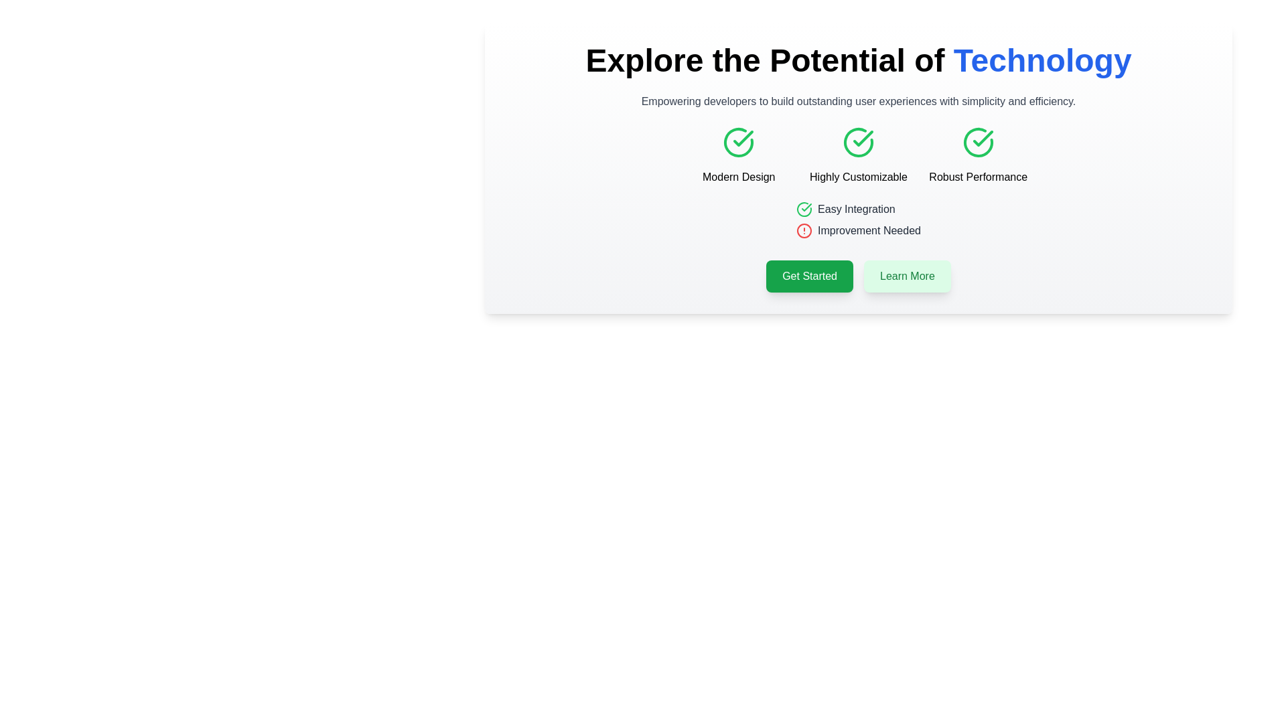  Describe the element at coordinates (804, 209) in the screenshot. I see `the green circular icon with a check mark inside, indicating completion or success, positioned adjacent to the text 'Easy Integration'` at that location.